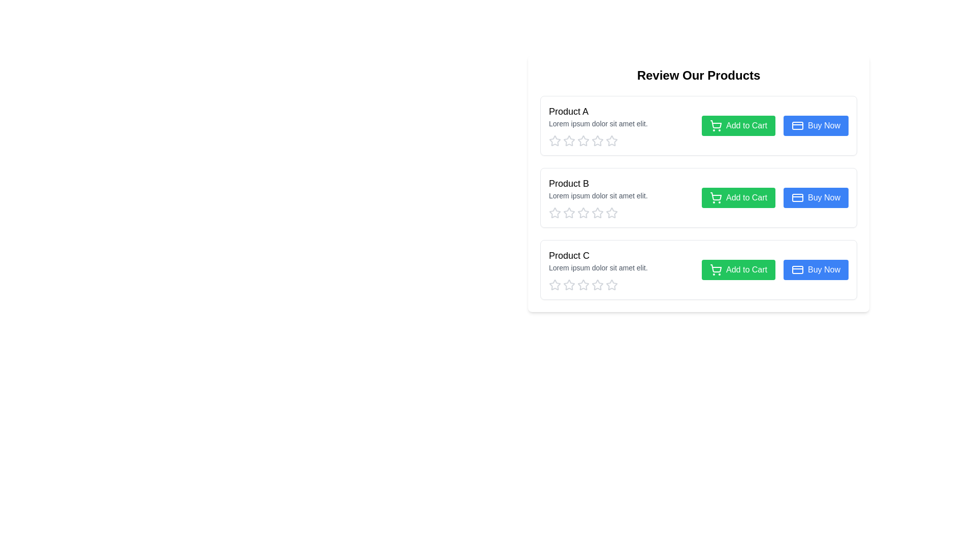  What do you see at coordinates (597, 212) in the screenshot?
I see `the second star icon in the row of rating stars under the 'Product B' section` at bounding box center [597, 212].